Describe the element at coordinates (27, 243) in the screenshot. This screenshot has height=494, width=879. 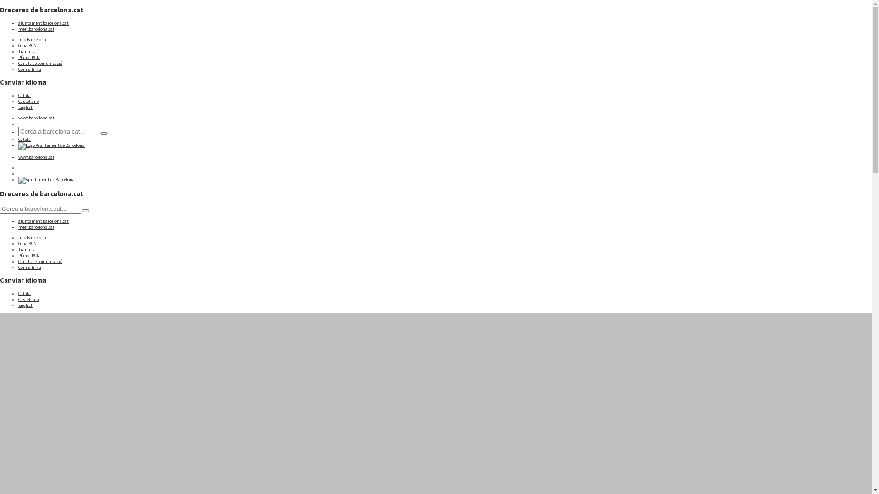
I see `'Guia BCN'` at that location.